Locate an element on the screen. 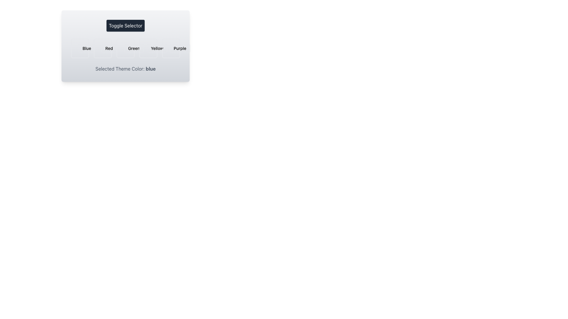  the green button labeled 'green' is located at coordinates (125, 48).